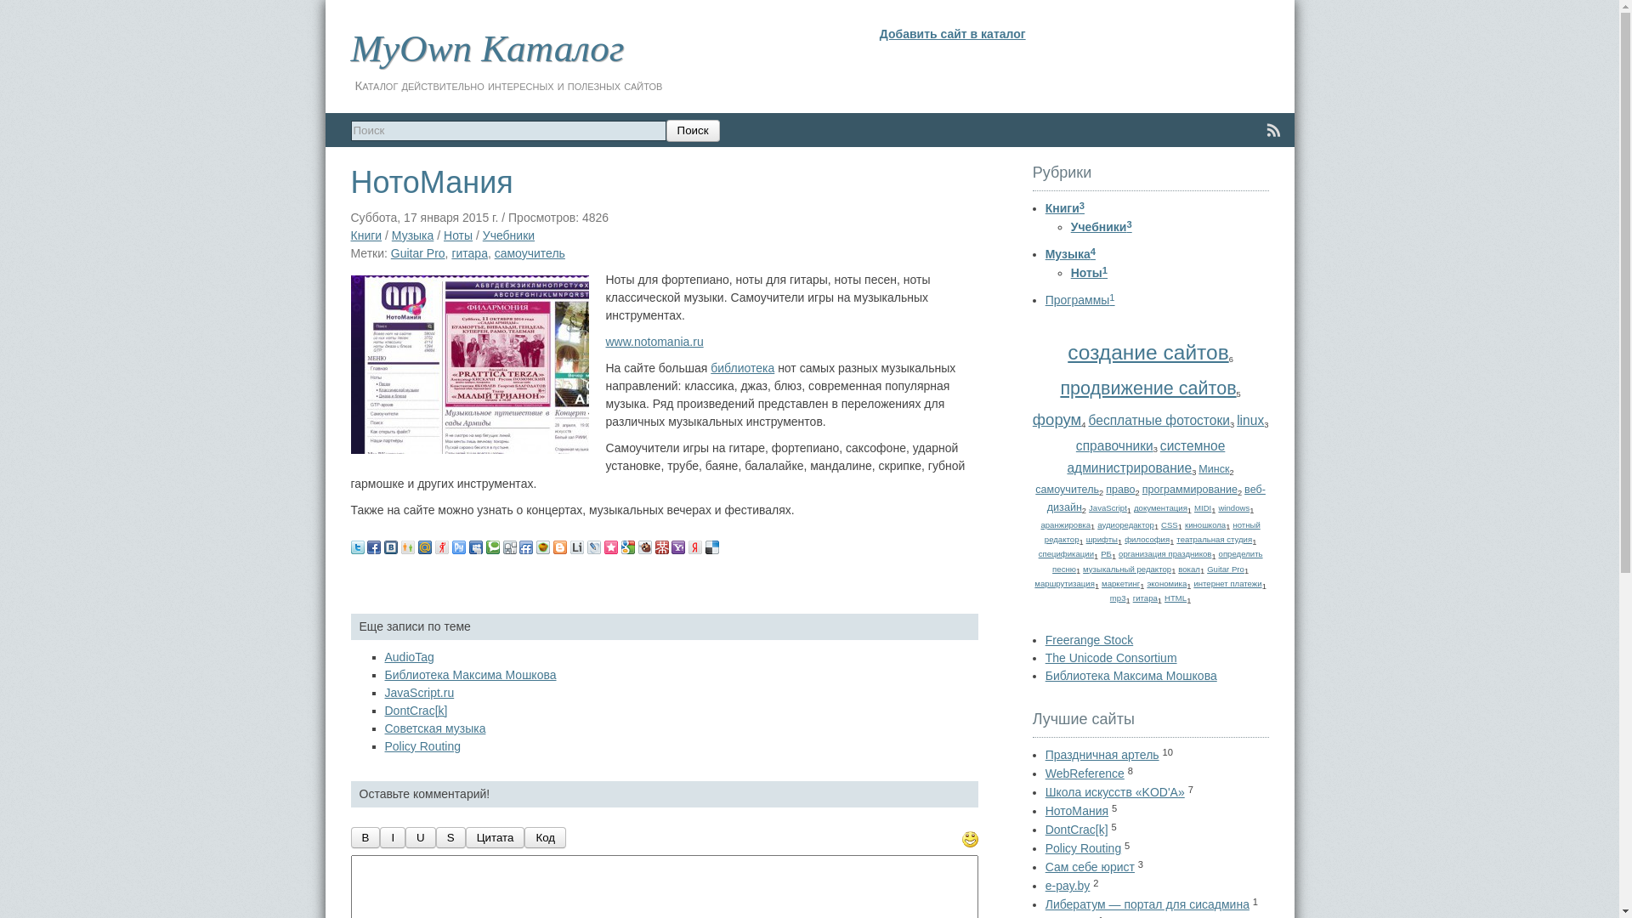 This screenshot has height=918, width=1632. I want to click on 'Policy Routing', so click(422, 745).